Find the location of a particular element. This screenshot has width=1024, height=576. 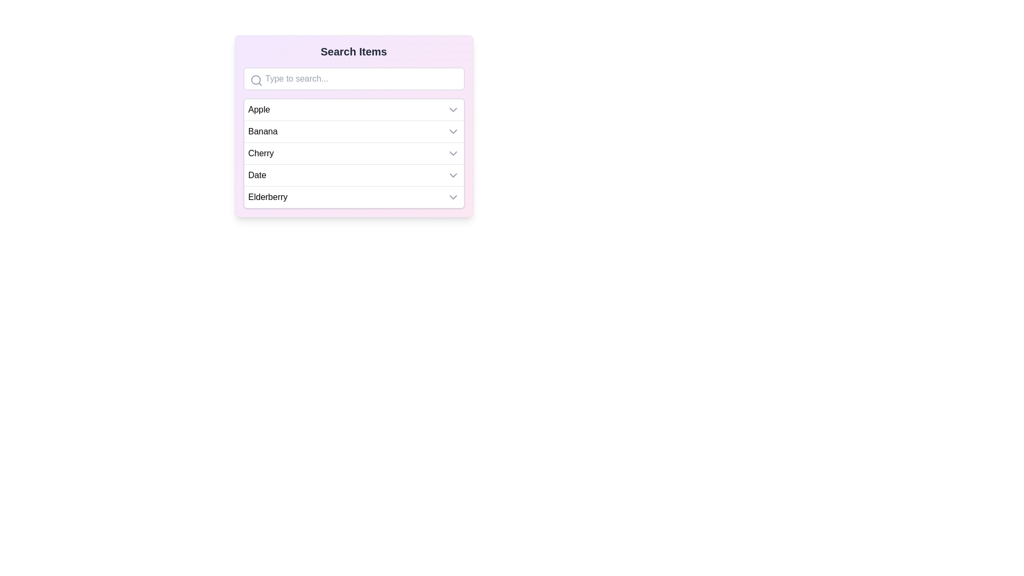

to select the list item labeled 'Elderberry', which is the fifth item in a vertical list of fruit names is located at coordinates (354, 197).